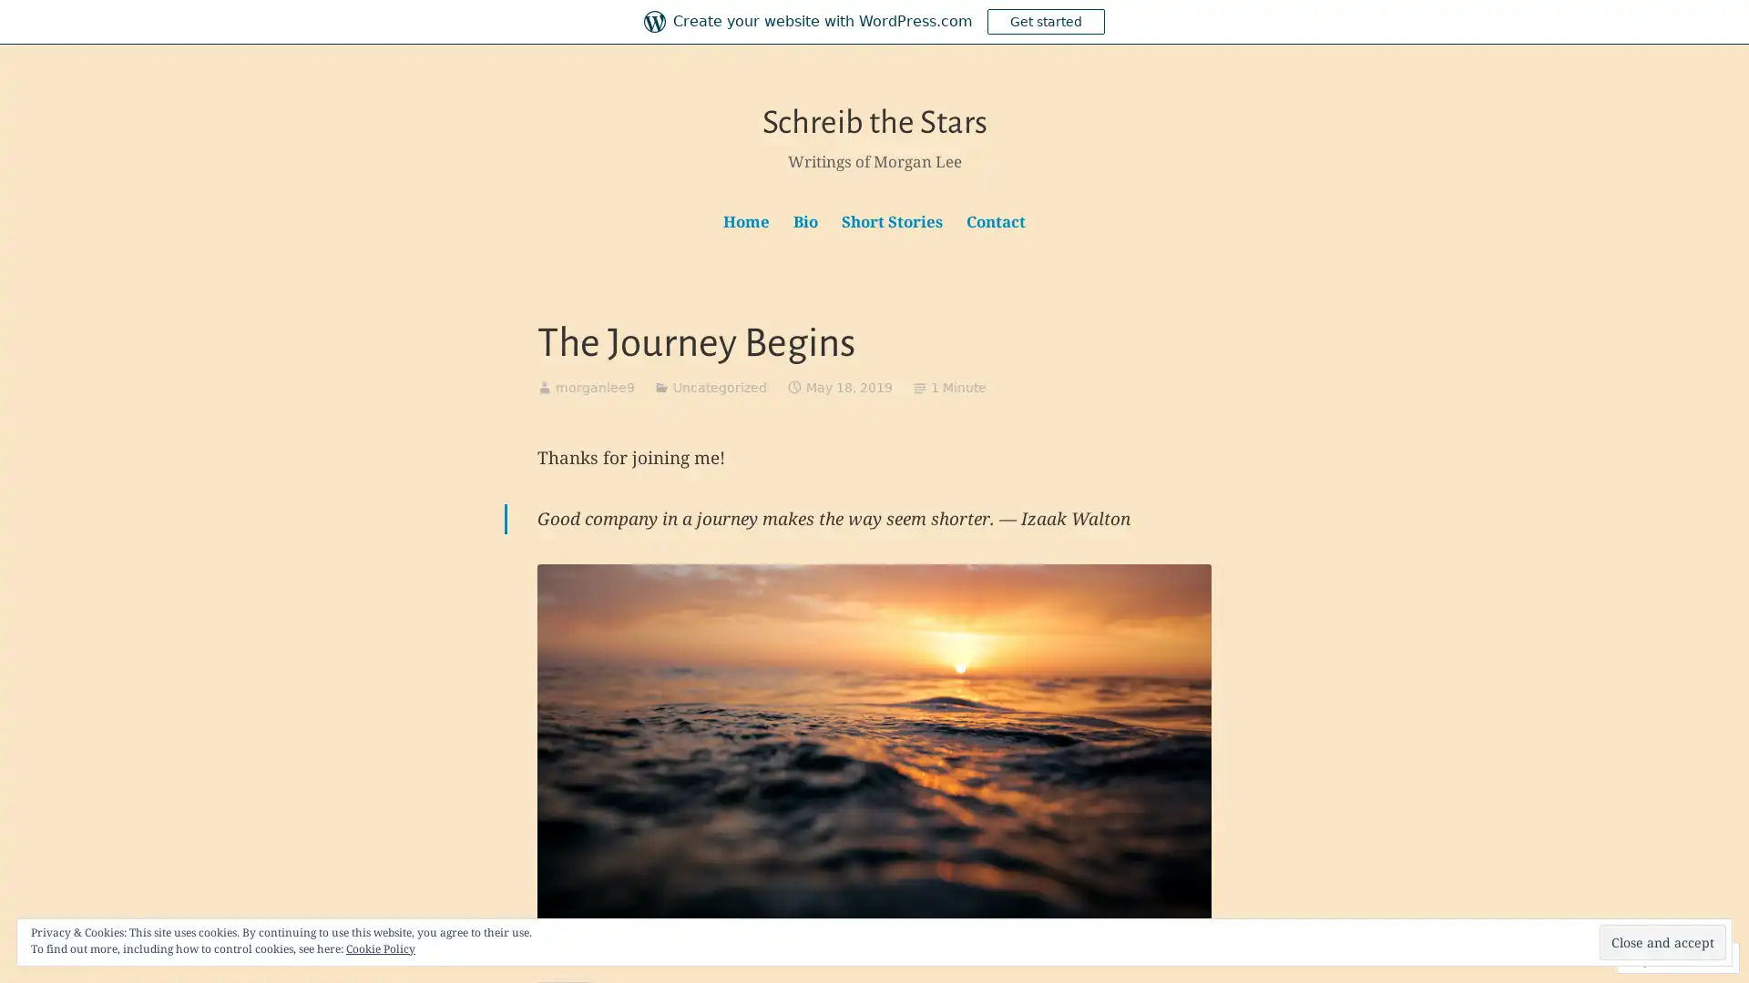 This screenshot has height=983, width=1749. What do you see at coordinates (1662, 942) in the screenshot?
I see `Close and accept` at bounding box center [1662, 942].